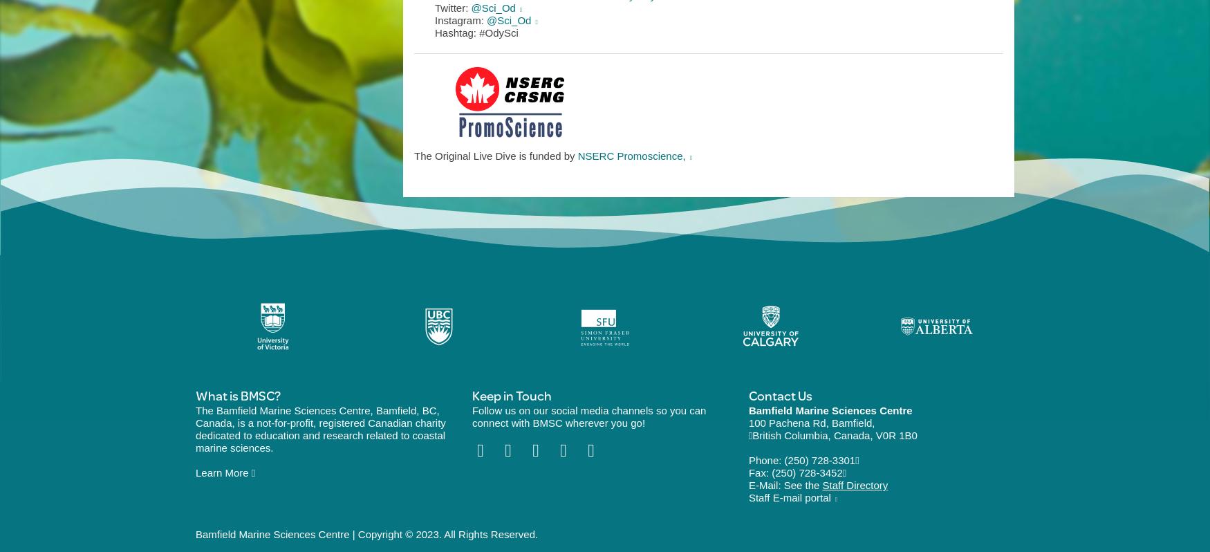 The width and height of the screenshot is (1210, 552). What do you see at coordinates (779, 394) in the screenshot?
I see `'Contact Us'` at bounding box center [779, 394].